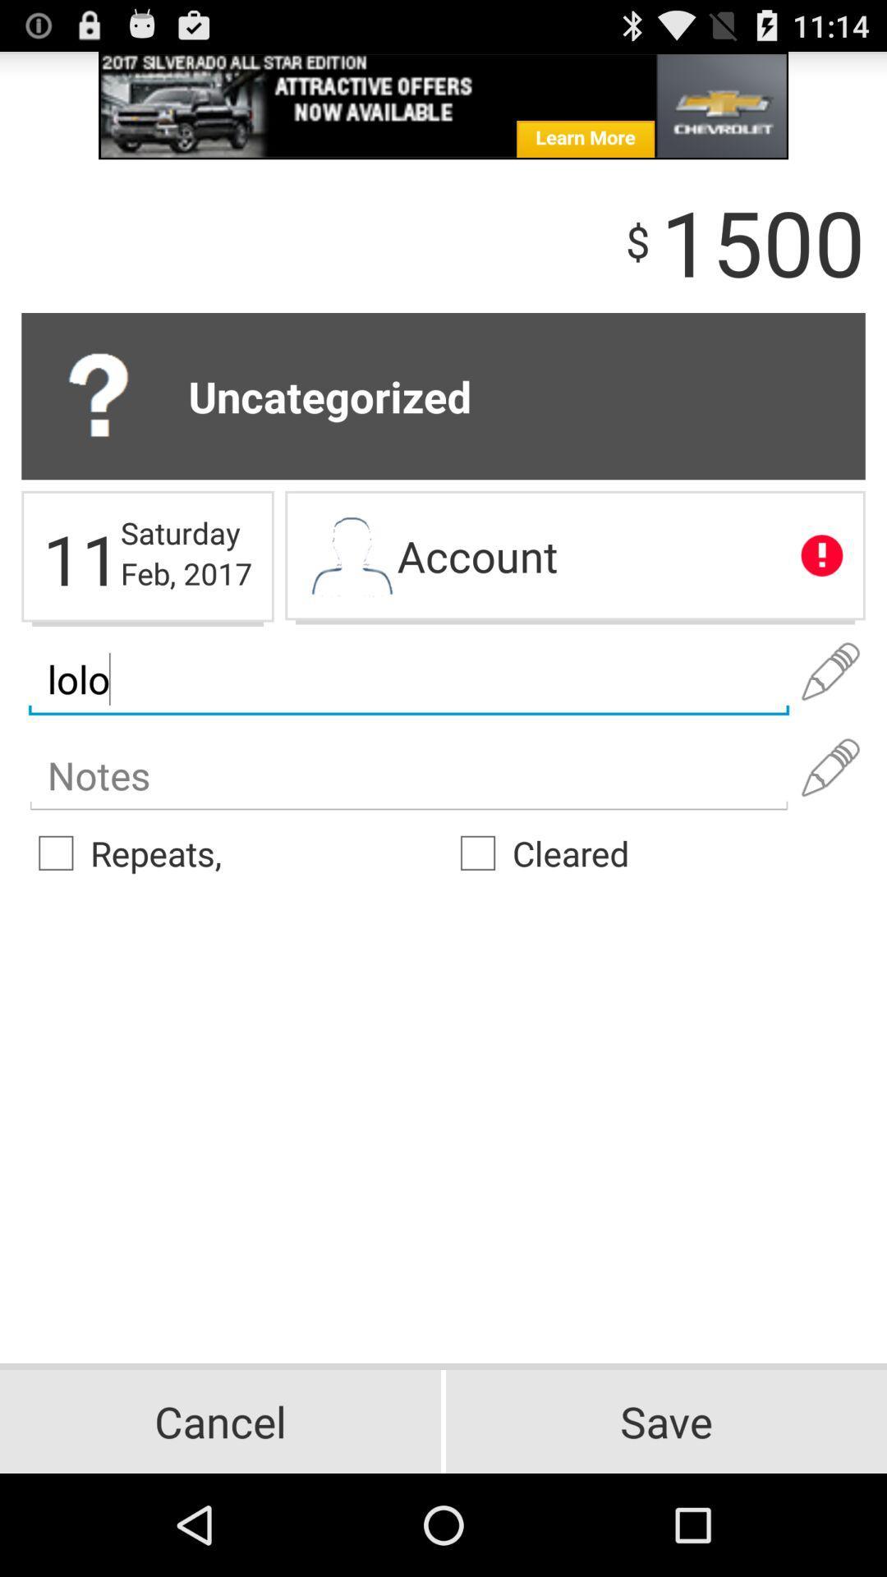  What do you see at coordinates (351, 558) in the screenshot?
I see `my account` at bounding box center [351, 558].